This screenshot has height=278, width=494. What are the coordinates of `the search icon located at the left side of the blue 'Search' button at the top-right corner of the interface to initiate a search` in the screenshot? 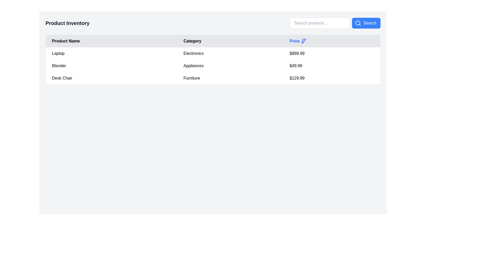 It's located at (358, 23).